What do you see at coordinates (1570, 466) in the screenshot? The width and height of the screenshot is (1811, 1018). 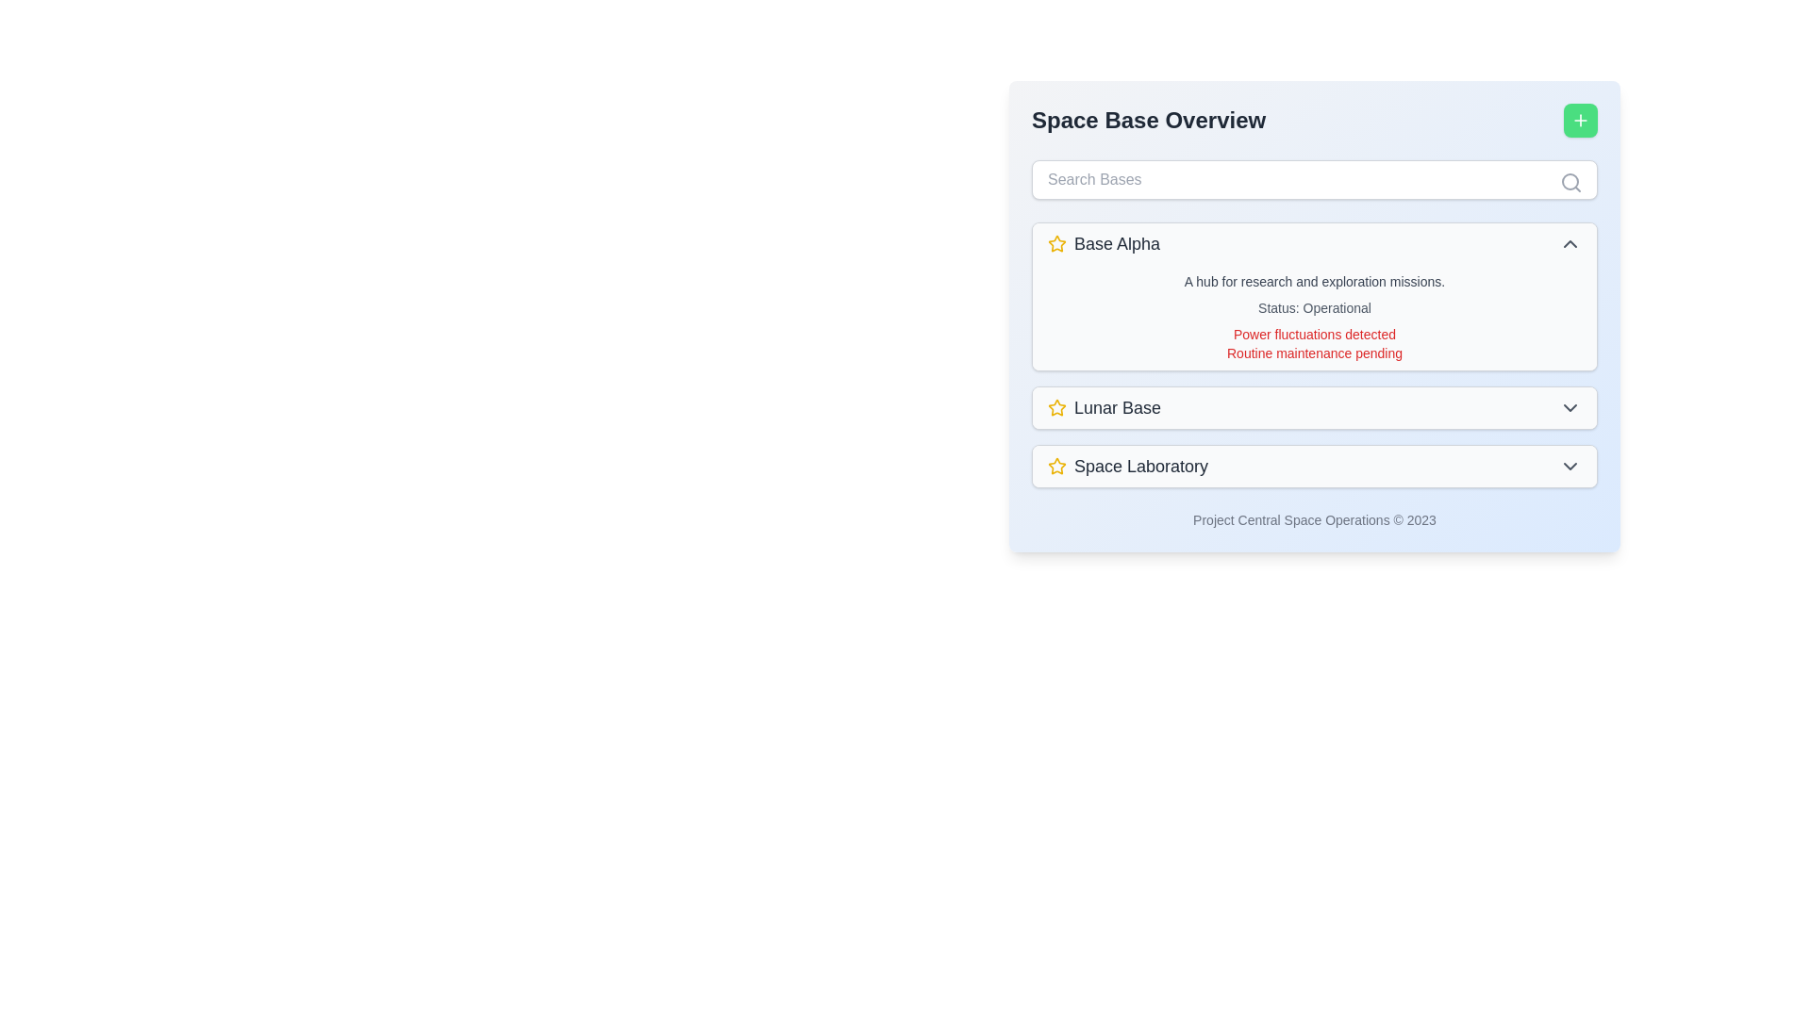 I see `the downward-pointing chevron icon located at the far right of the 'Space Laboratory' section` at bounding box center [1570, 466].